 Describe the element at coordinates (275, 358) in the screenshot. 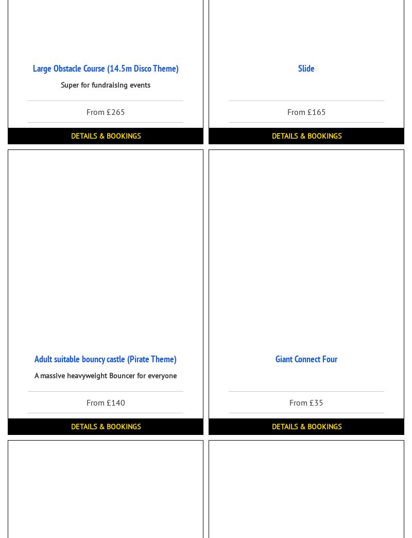

I see `'Giant Connect Four'` at that location.